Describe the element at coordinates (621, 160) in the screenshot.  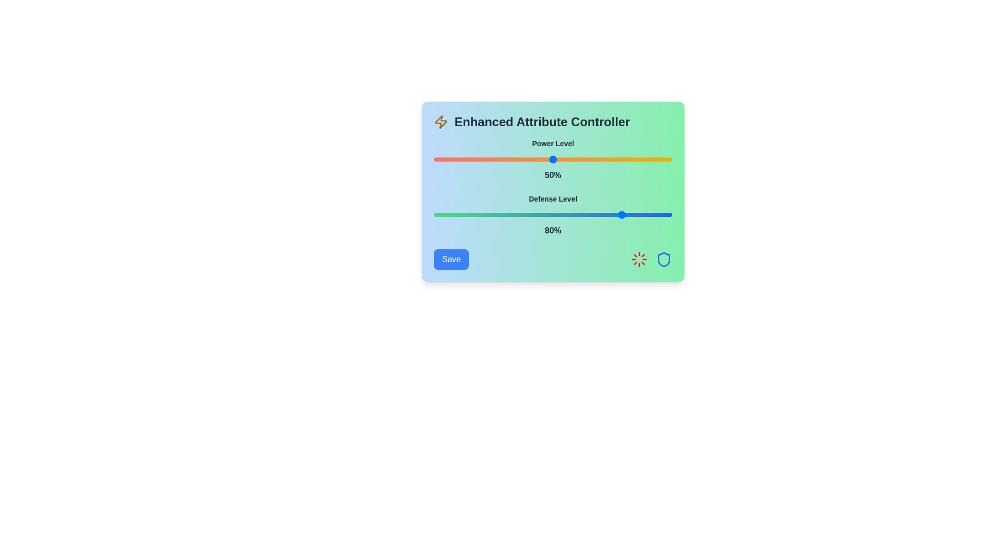
I see `the Power Level slider to 79%` at that location.